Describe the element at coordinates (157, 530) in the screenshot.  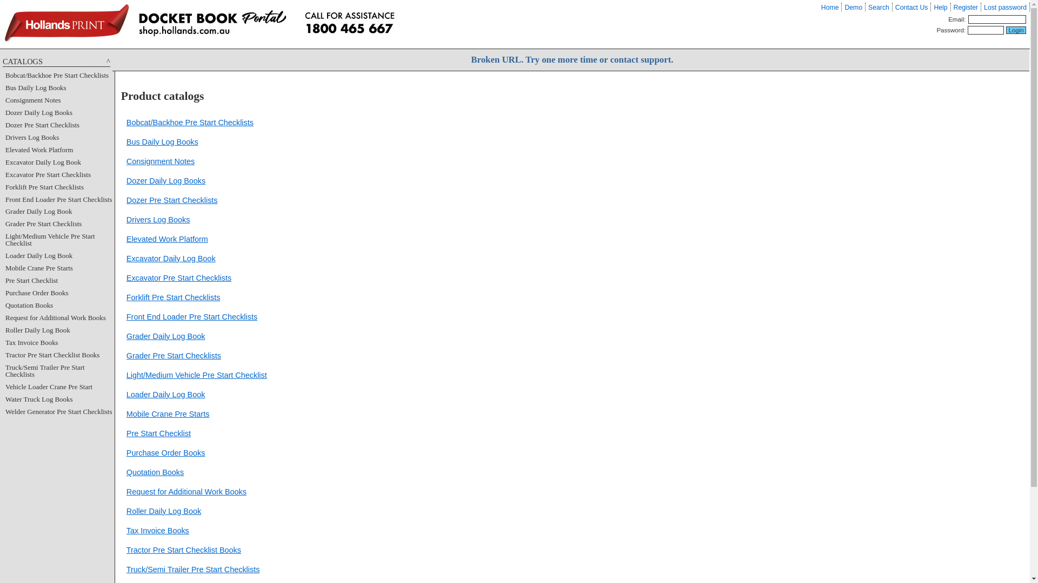
I see `'Tax Invoice Books'` at that location.